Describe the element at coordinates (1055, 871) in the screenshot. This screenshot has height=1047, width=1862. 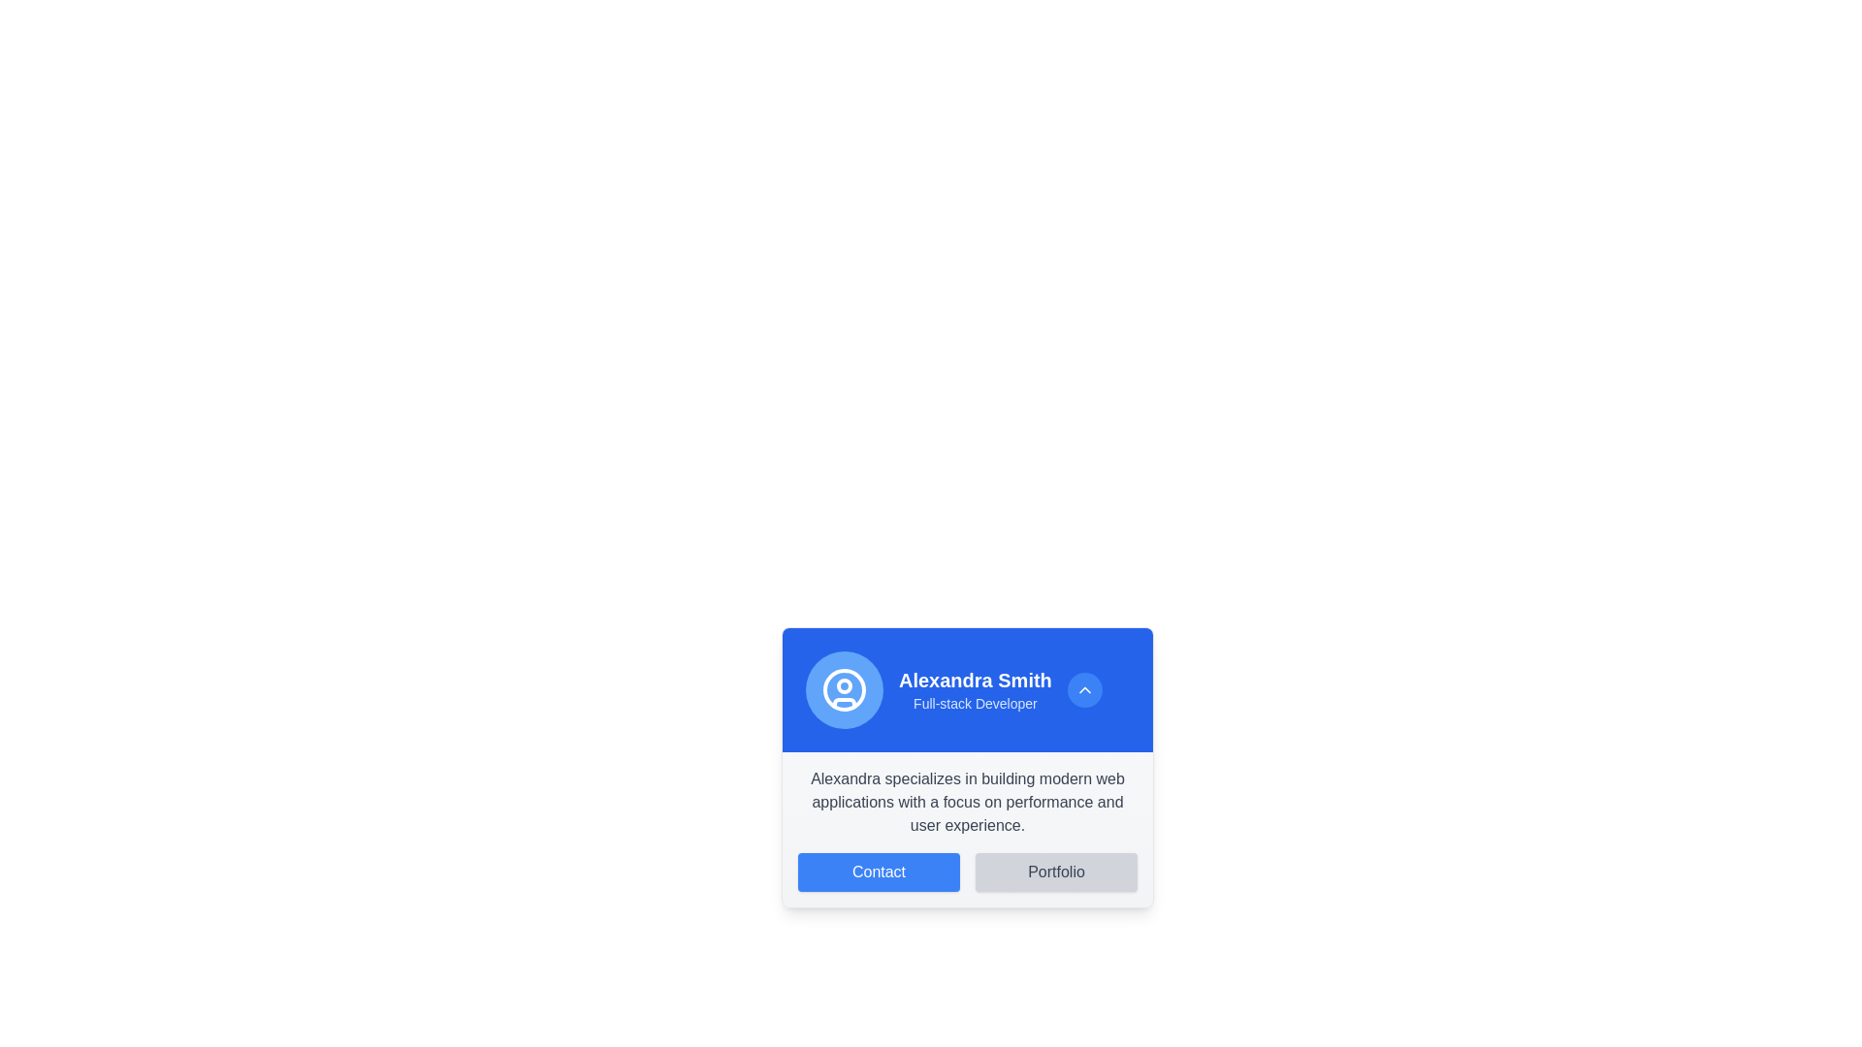
I see `the 'Portfolio' button, which is a rectangular button with rounded corners and a light gray background, located to the right of the 'Contact' button in a horizontal layout` at that location.